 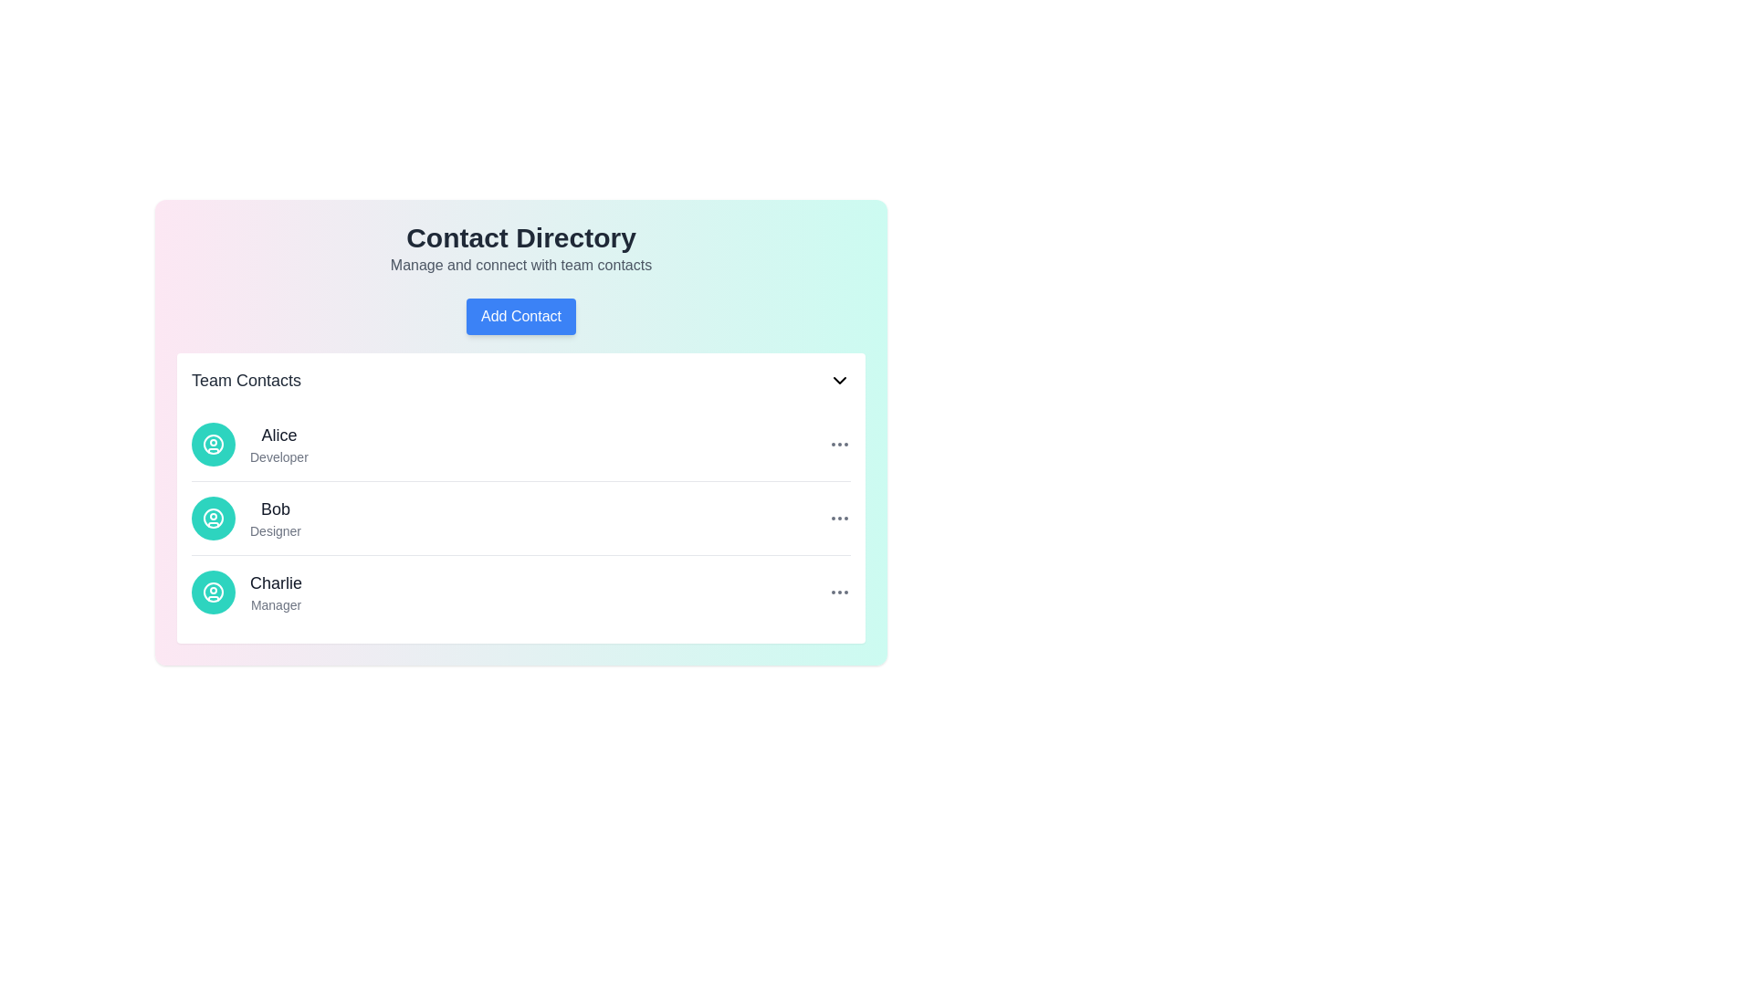 What do you see at coordinates (275, 509) in the screenshot?
I see `the text label displaying 'Bob' in bold within the second entry of the 'Team Contacts' list to associate it with the contact listed` at bounding box center [275, 509].